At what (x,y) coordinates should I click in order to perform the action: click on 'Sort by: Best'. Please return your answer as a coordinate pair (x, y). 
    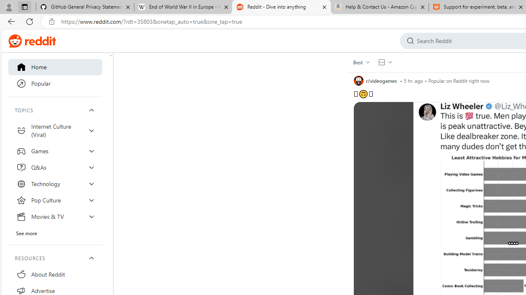
    Looking at the image, I should click on (361, 61).